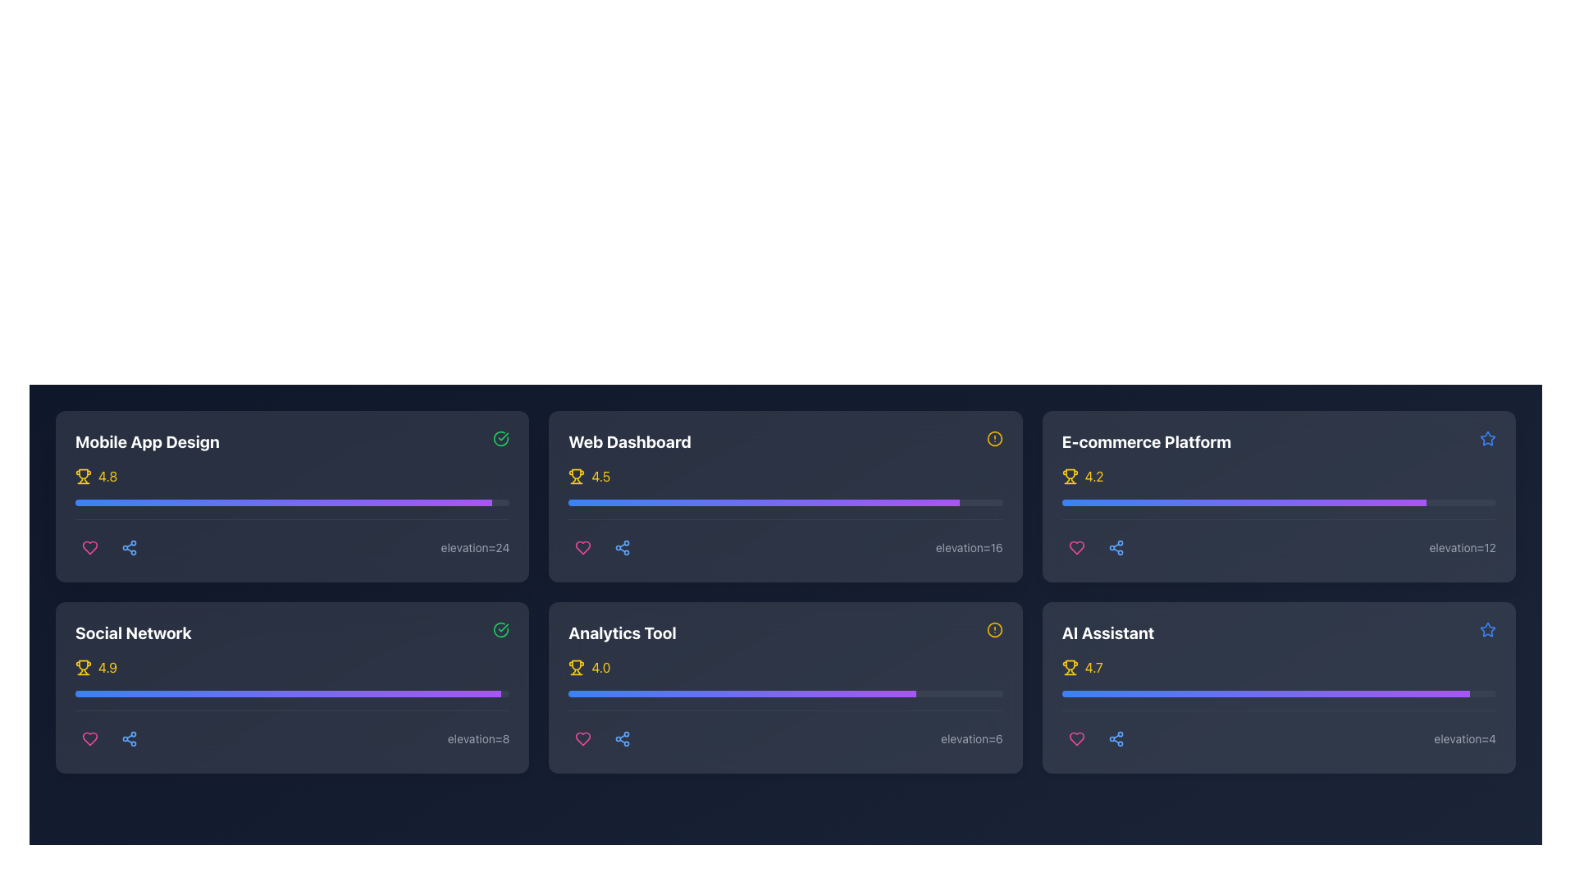 The height and width of the screenshot is (886, 1575). Describe the element at coordinates (82, 664) in the screenshot. I see `the achievement icon located in the middle of the 'Social Network' card, which is positioned in the second row of the grid layout, to the left of the score text` at that location.